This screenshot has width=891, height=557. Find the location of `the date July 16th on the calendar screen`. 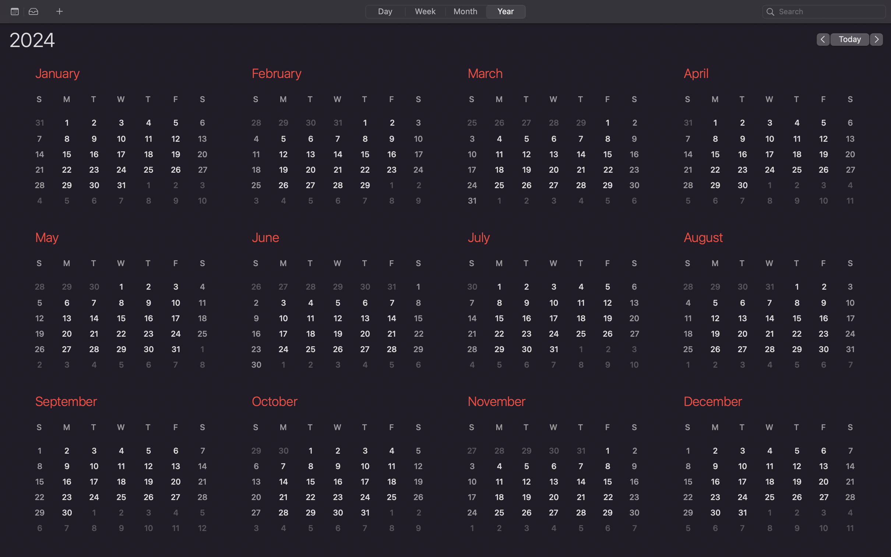

the date July 16th on the calendar screen is located at coordinates (528, 319).